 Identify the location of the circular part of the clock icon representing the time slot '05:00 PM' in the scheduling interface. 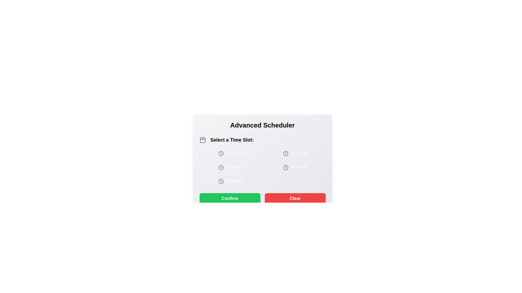
(221, 181).